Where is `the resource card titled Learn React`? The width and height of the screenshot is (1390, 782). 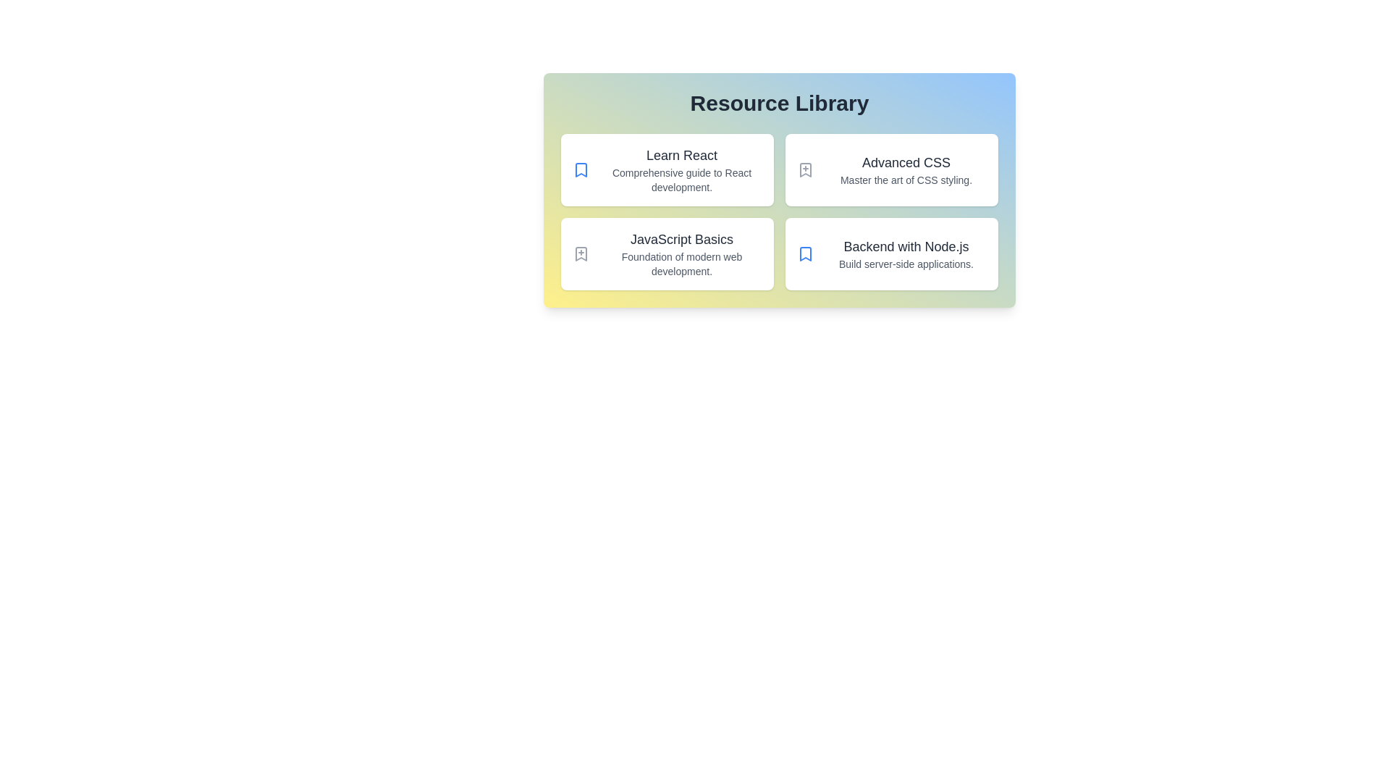 the resource card titled Learn React is located at coordinates (666, 169).